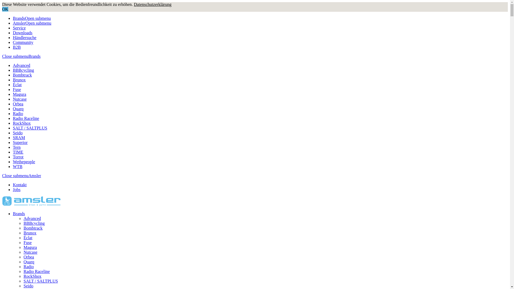  Describe the element at coordinates (20, 142) in the screenshot. I see `'Superior'` at that location.